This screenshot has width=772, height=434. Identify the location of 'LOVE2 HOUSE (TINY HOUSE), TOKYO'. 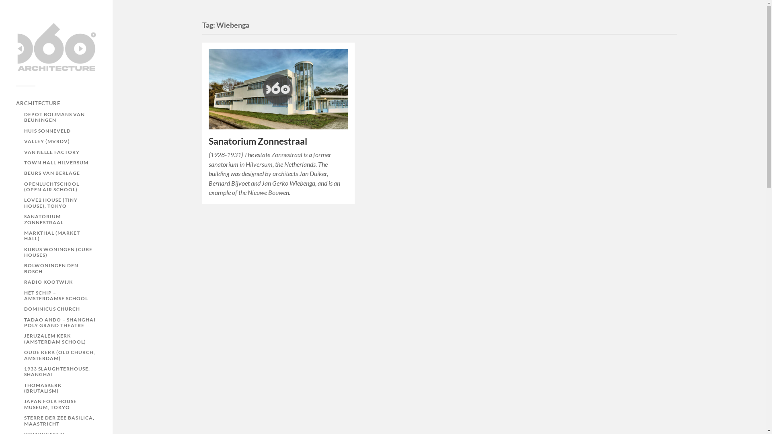
(50, 202).